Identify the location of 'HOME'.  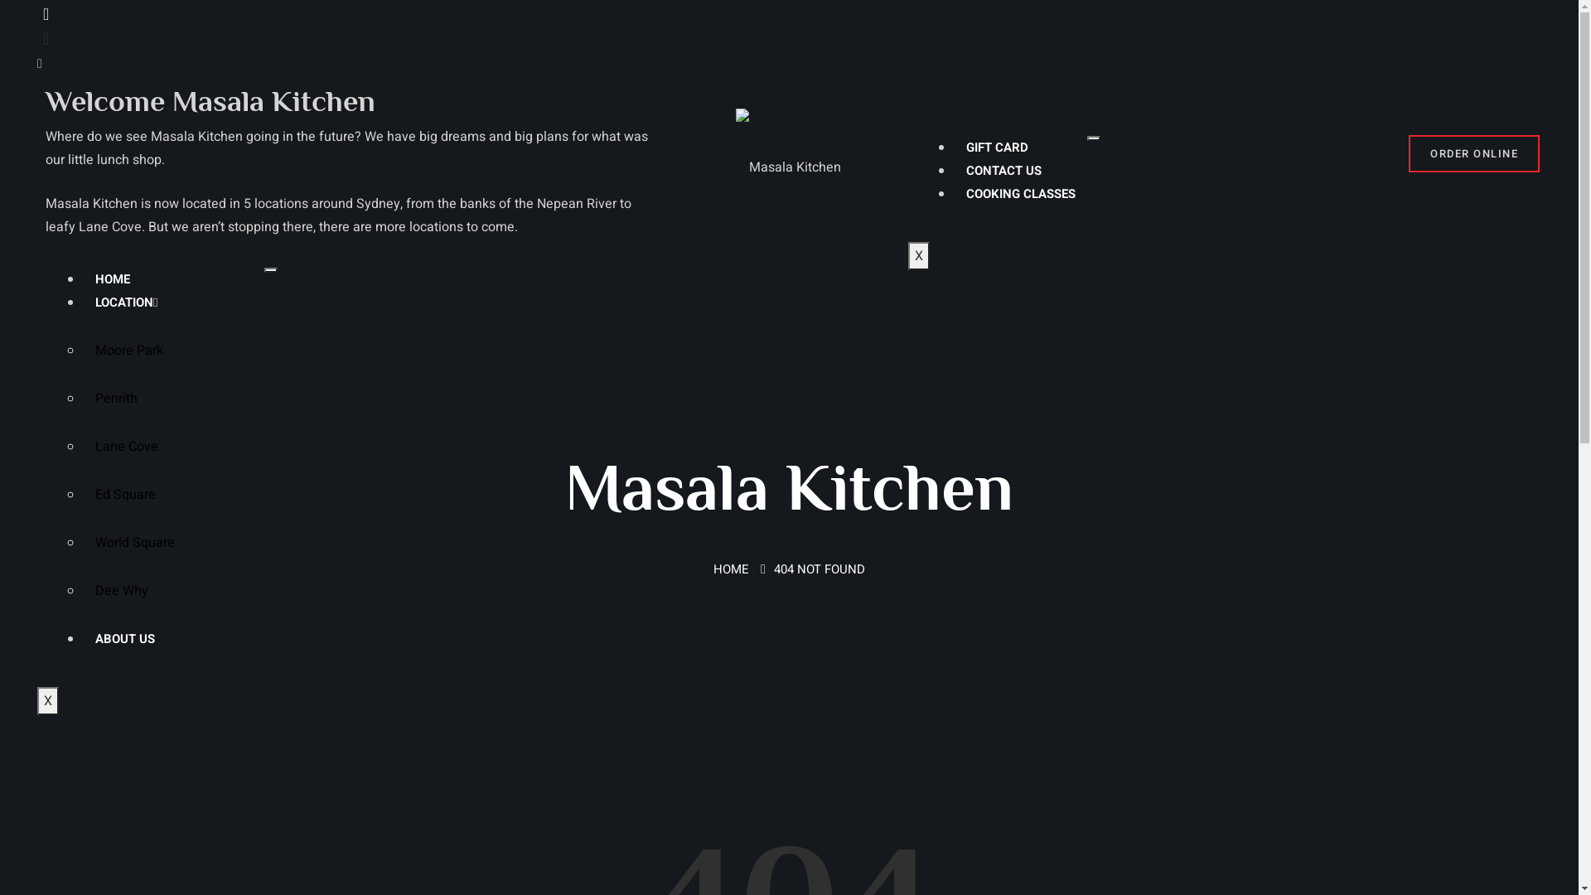
(730, 568).